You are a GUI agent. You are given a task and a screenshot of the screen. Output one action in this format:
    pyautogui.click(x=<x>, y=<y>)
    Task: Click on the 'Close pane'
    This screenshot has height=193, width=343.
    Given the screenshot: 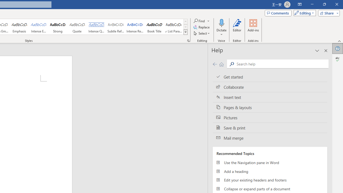 What is the action you would take?
    pyautogui.click(x=326, y=51)
    